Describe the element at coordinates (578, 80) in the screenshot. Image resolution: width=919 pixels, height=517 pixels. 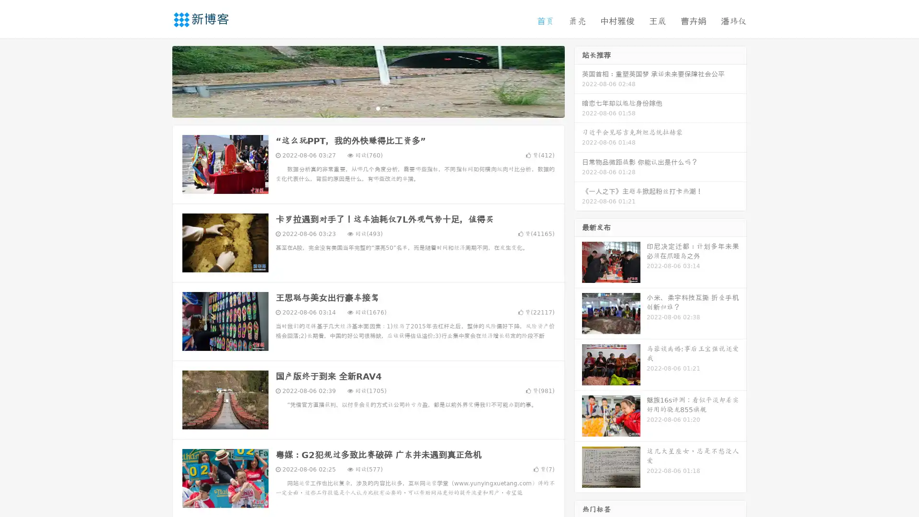
I see `Next slide` at that location.